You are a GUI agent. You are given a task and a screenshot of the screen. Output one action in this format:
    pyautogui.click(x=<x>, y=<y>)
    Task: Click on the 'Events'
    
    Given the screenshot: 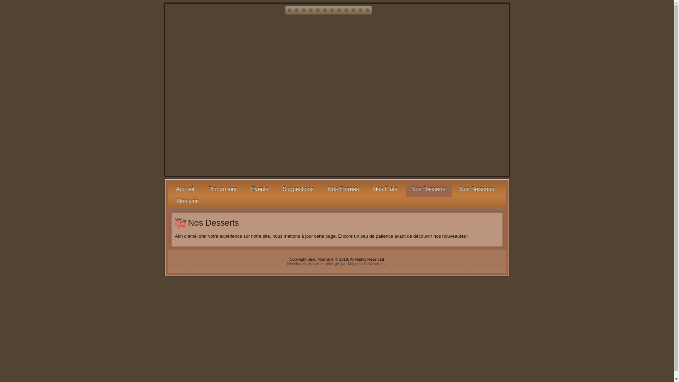 What is the action you would take?
    pyautogui.click(x=245, y=189)
    